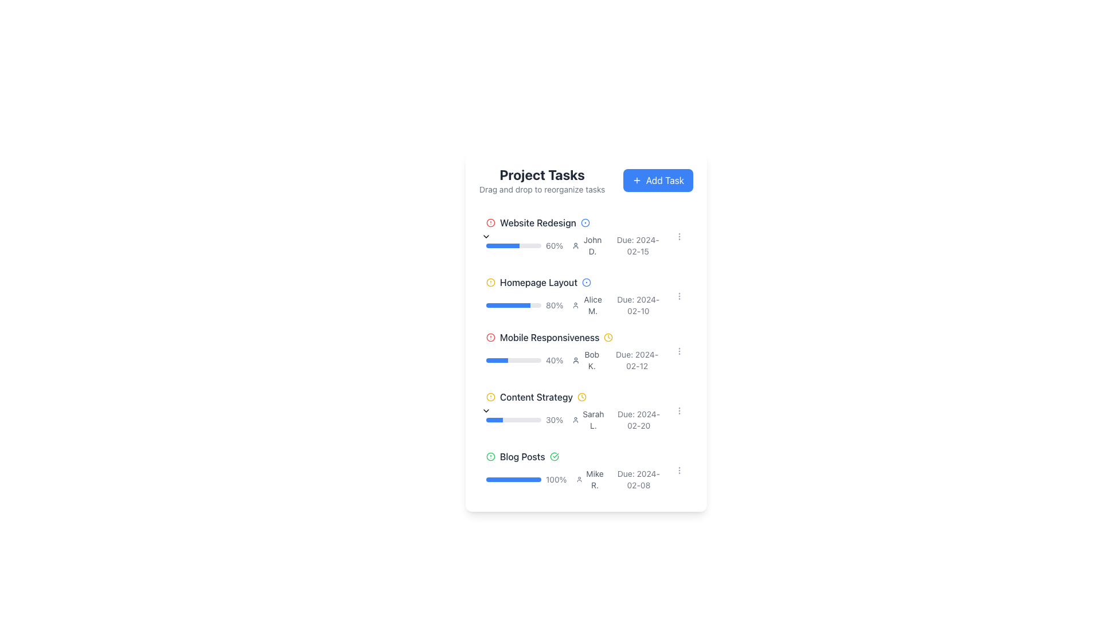 The height and width of the screenshot is (619, 1101). I want to click on the Toggle/Expand button located to the left of the progress bar in the 'Content Strategy' task row, so click(479, 410).